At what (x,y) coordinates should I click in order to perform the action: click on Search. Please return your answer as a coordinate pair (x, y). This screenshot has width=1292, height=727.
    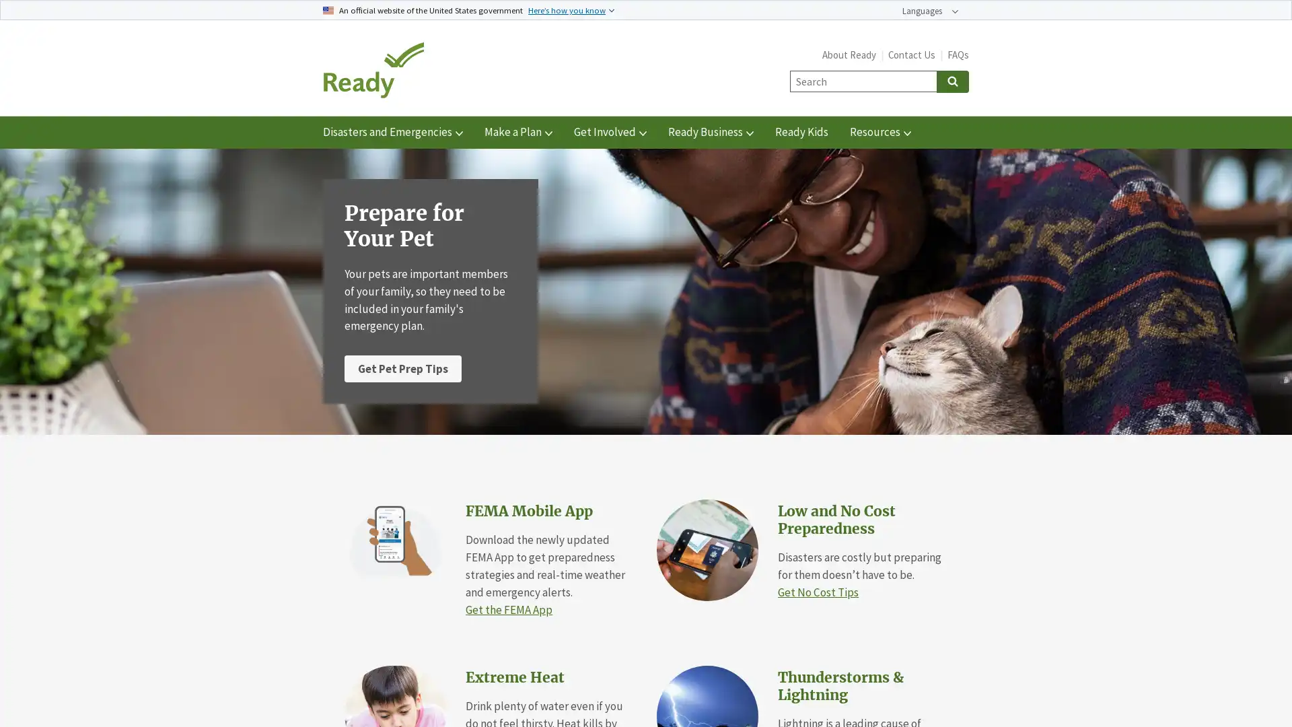
    Looking at the image, I should click on (952, 81).